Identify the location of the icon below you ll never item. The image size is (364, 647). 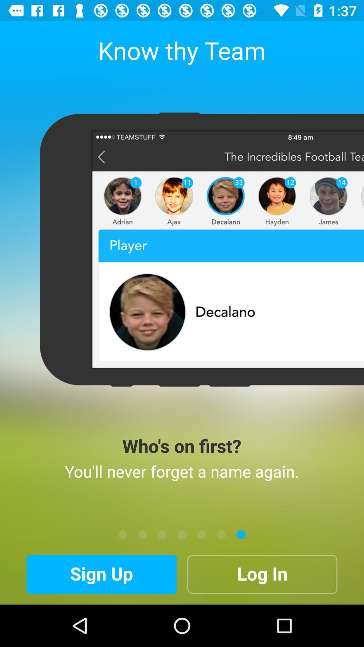
(142, 534).